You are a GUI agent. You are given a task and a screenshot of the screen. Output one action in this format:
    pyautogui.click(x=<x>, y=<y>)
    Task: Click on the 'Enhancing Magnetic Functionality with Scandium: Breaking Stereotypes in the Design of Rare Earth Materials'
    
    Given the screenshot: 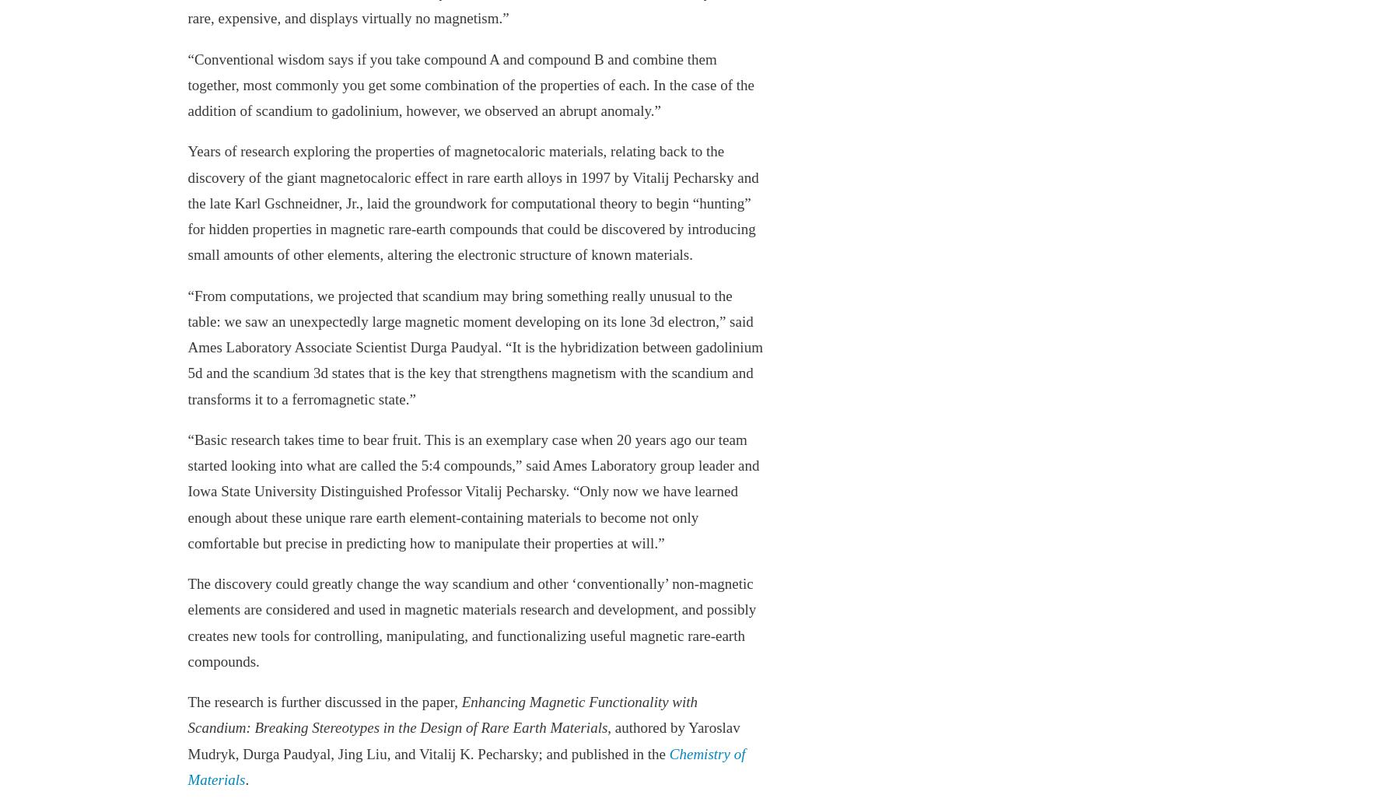 What is the action you would take?
    pyautogui.click(x=442, y=715)
    